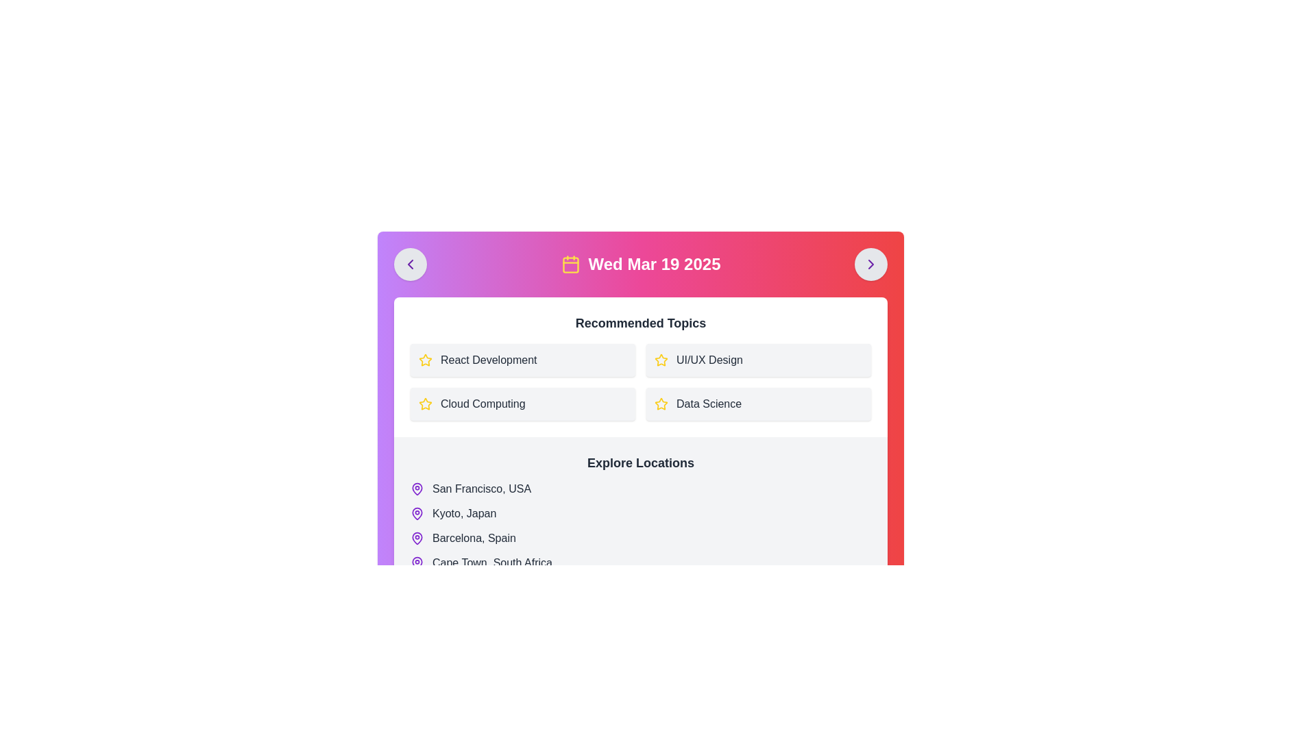  I want to click on the star icon with a yellow outline near the text 'React Development' to mark or unmark it as a favorite, so click(661, 403).